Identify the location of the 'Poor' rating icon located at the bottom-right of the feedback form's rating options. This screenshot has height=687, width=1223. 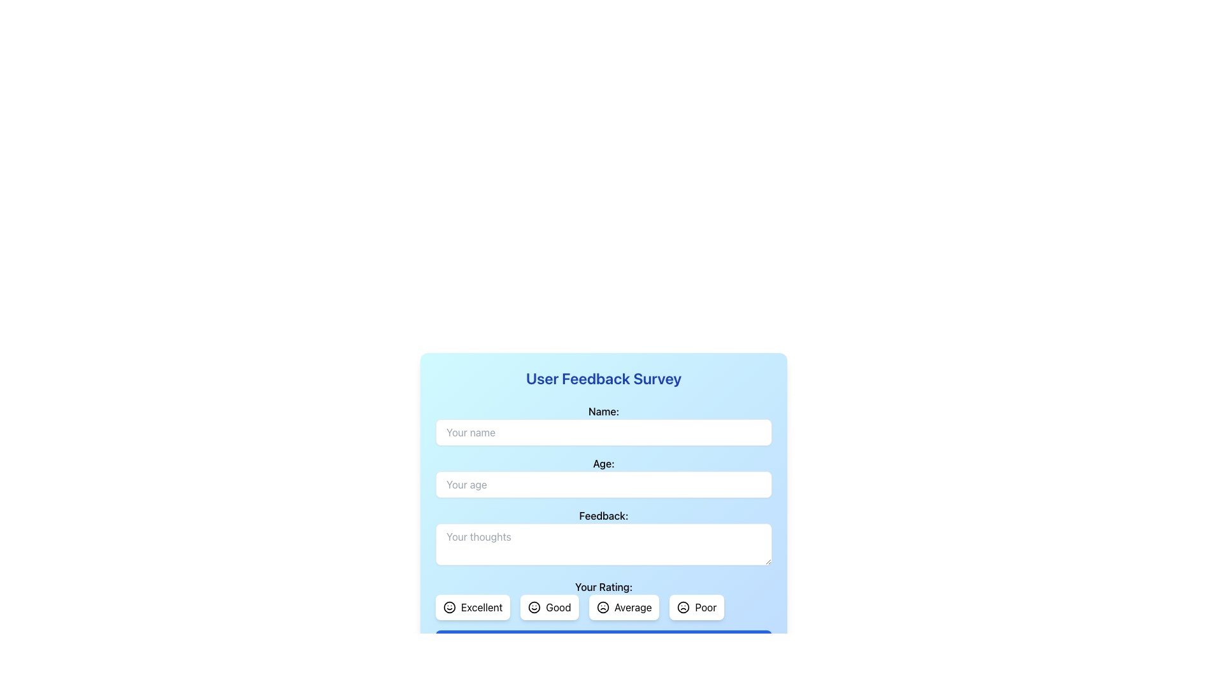
(683, 607).